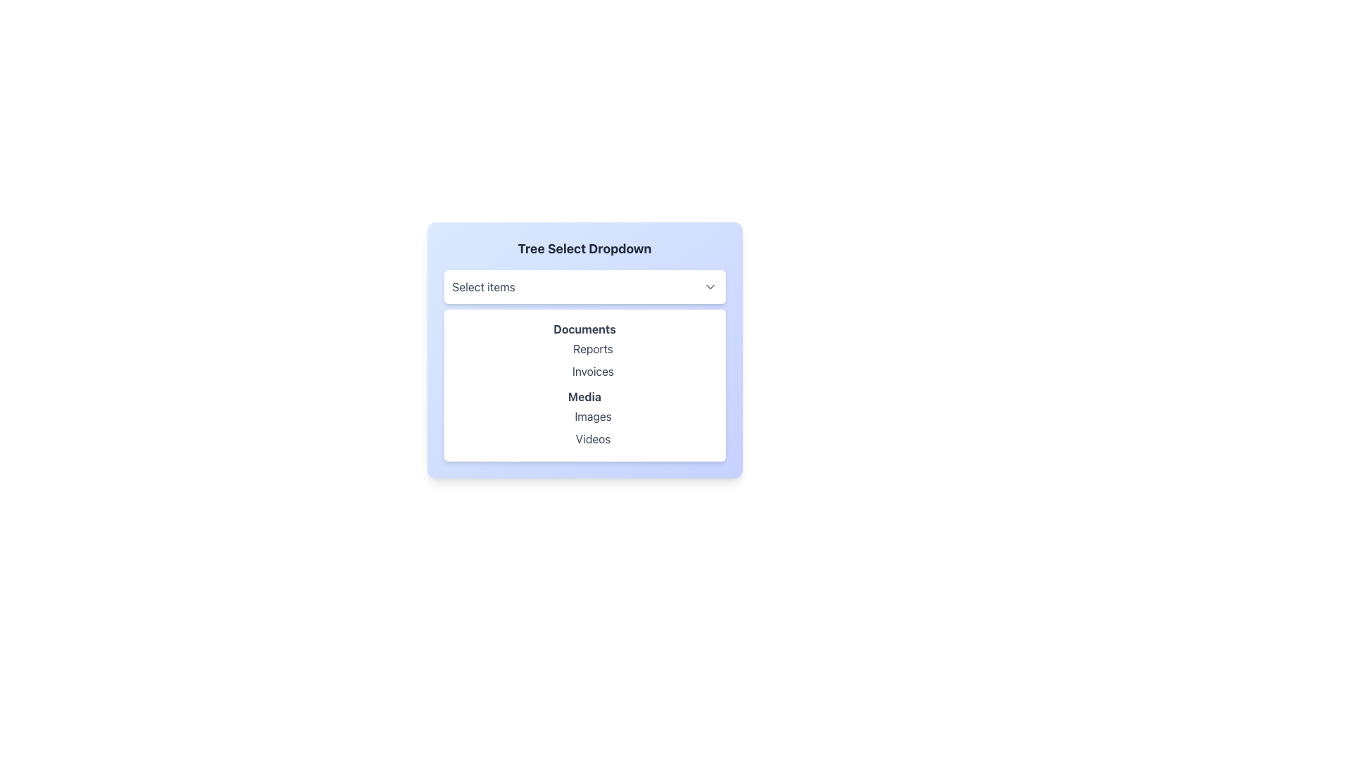 This screenshot has height=760, width=1352. I want to click on the 'Images' option in the dropdown list located within the 'Media' category, so click(590, 415).